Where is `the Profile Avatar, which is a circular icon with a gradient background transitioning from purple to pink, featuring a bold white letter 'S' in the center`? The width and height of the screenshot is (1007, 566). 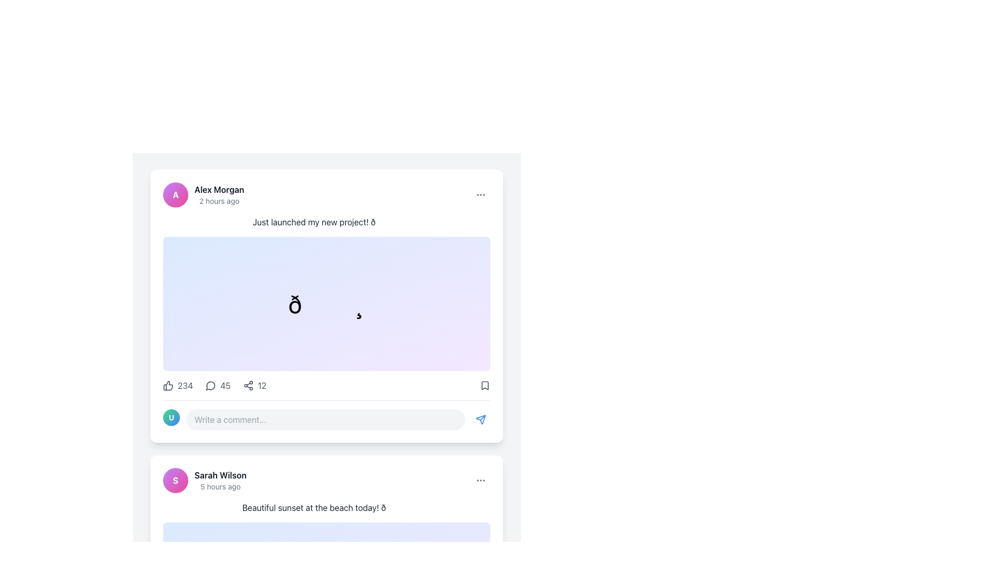
the Profile Avatar, which is a circular icon with a gradient background transitioning from purple to pink, featuring a bold white letter 'S' in the center is located at coordinates (176, 481).